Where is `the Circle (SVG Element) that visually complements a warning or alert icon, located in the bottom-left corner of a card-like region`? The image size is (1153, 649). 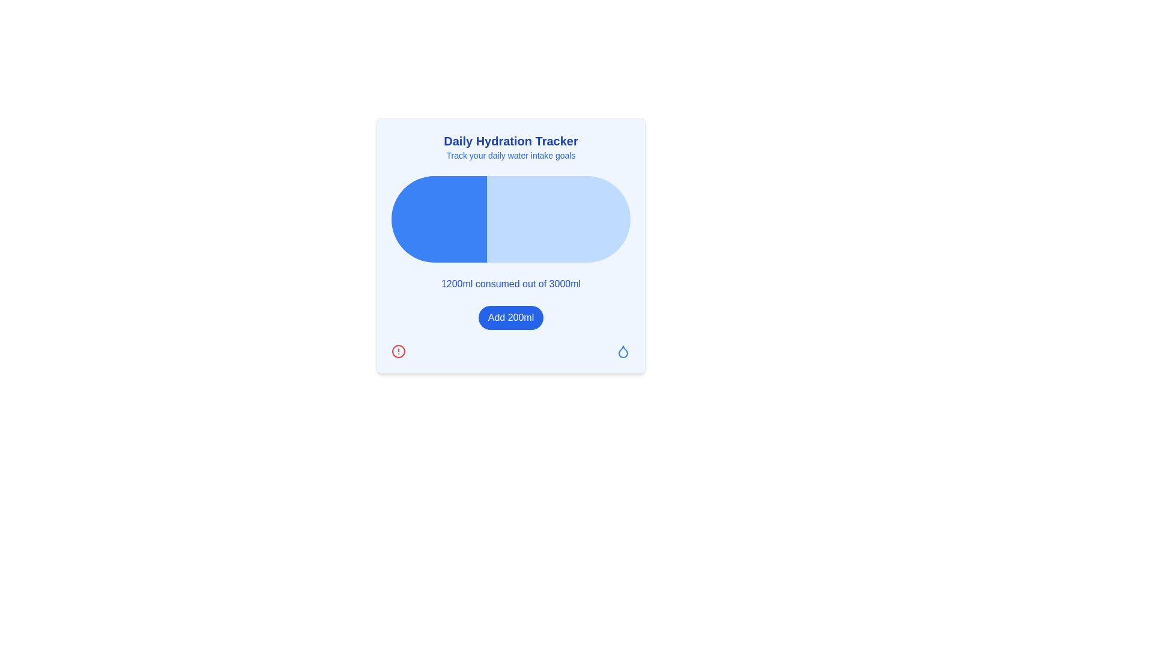
the Circle (SVG Element) that visually complements a warning or alert icon, located in the bottom-left corner of a card-like region is located at coordinates (398, 352).